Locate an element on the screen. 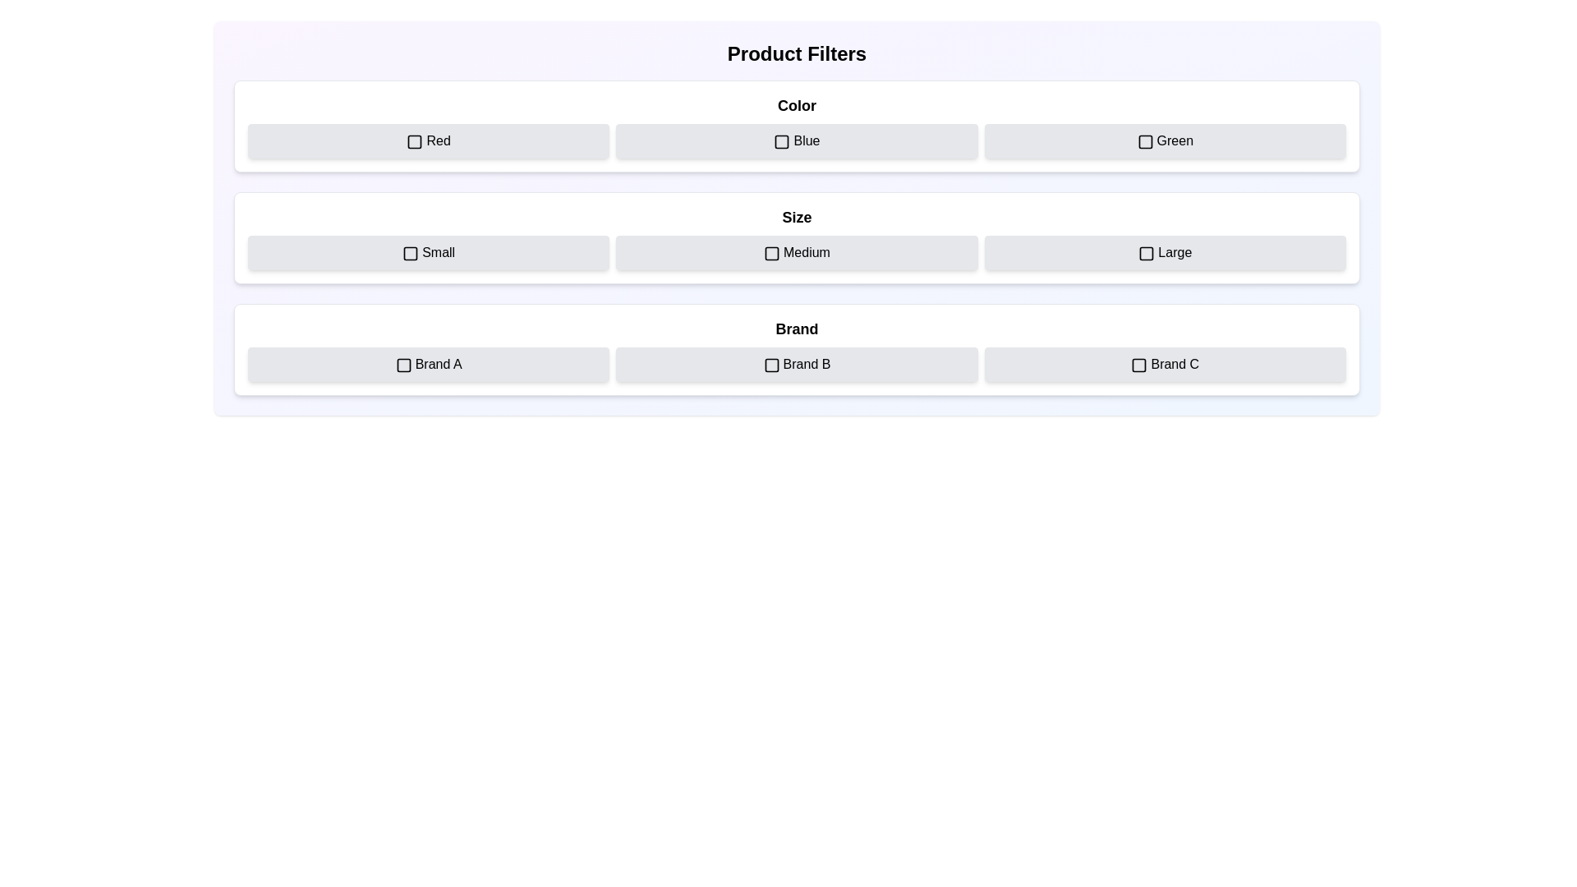  the static text label displaying 'Brand' in bold and large font, located at the top of the card-like section is located at coordinates (797, 329).